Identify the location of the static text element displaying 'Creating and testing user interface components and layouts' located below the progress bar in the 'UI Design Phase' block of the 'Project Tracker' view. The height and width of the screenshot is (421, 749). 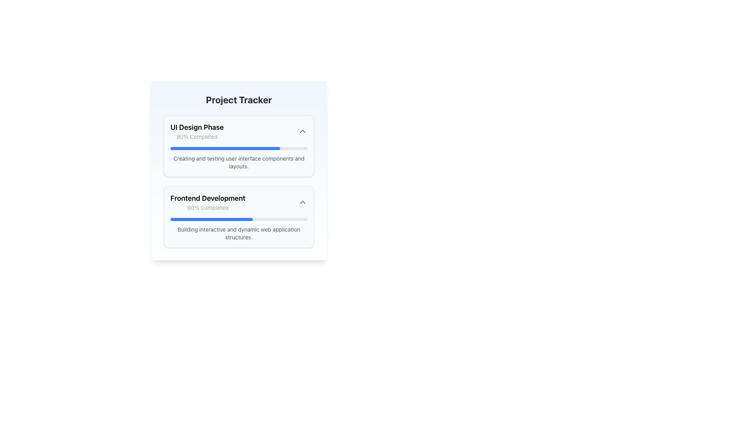
(238, 162).